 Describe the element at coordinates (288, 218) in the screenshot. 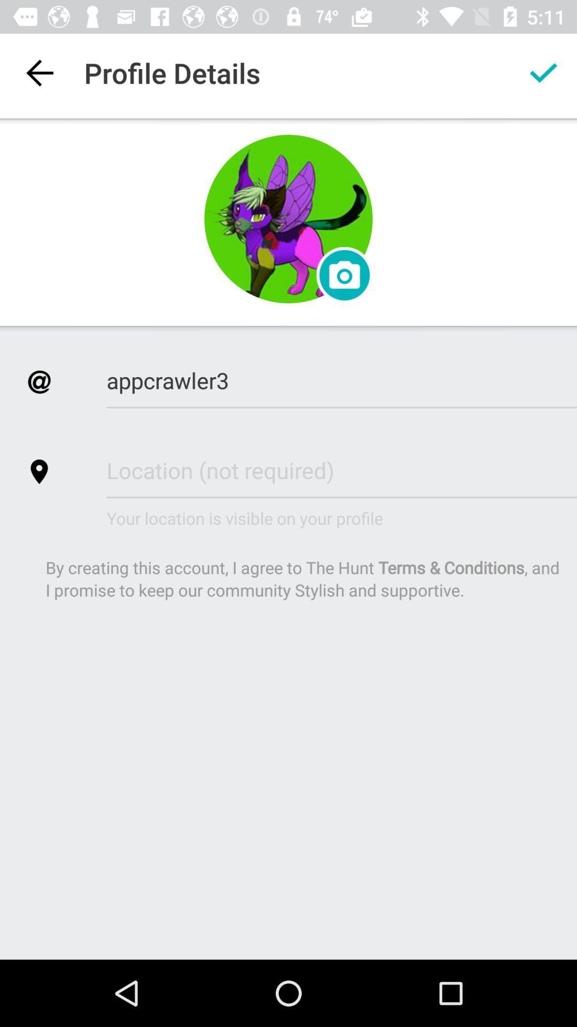

I see `the image` at that location.